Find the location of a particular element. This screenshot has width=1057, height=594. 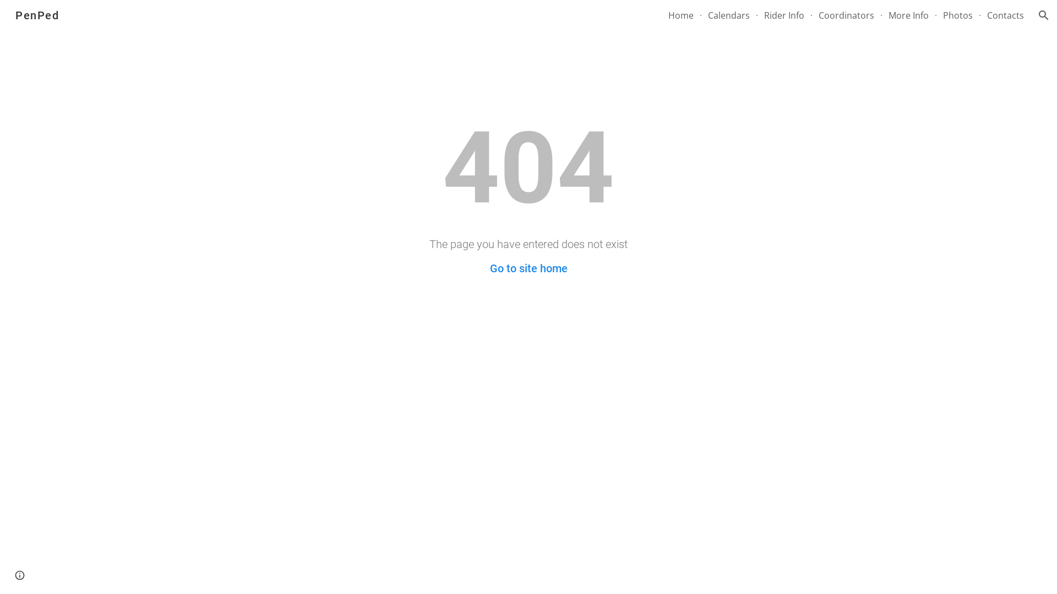

'Photos' is located at coordinates (957, 15).